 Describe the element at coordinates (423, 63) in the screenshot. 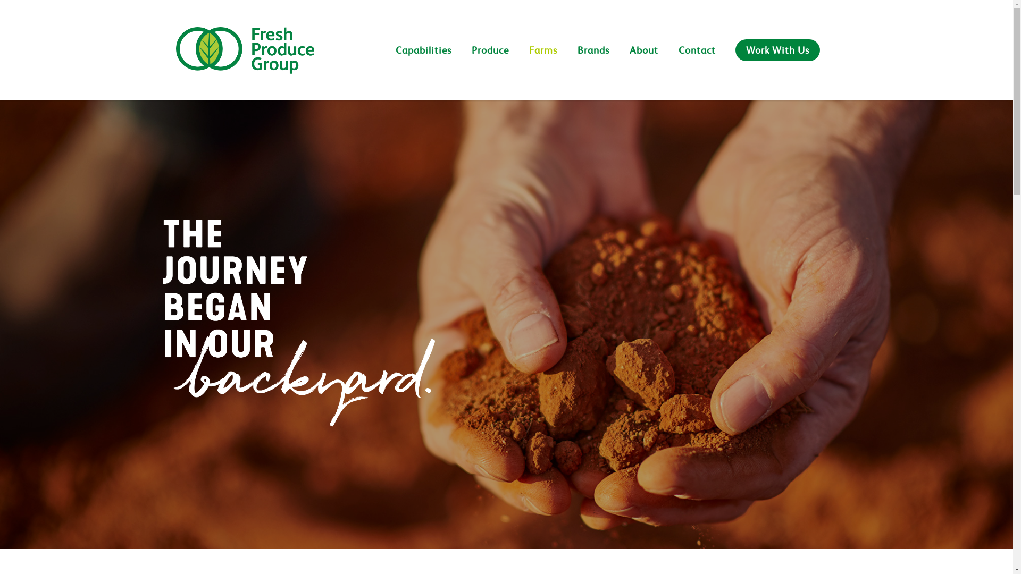

I see `'Capabilities'` at that location.